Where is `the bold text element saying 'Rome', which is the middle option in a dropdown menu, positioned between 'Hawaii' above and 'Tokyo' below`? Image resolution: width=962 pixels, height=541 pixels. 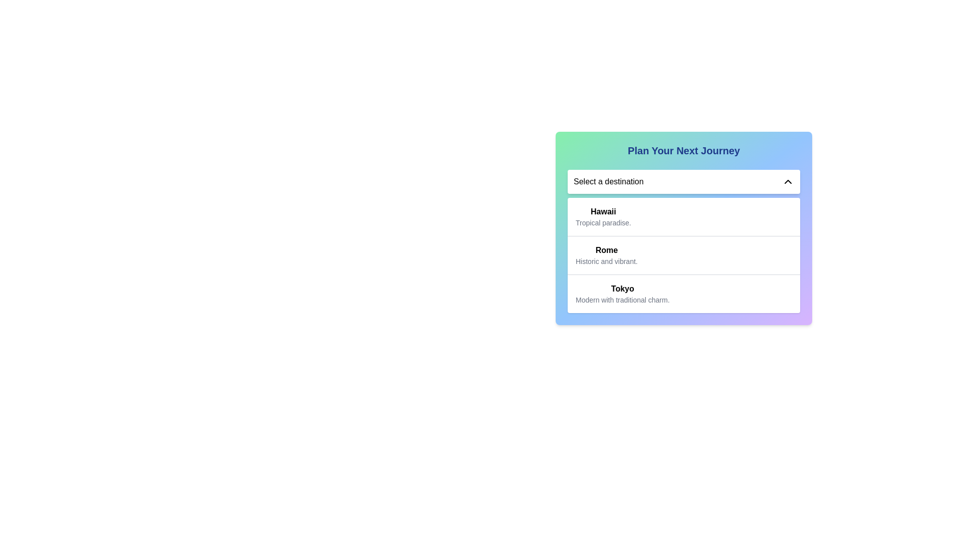
the bold text element saying 'Rome', which is the middle option in a dropdown menu, positioned between 'Hawaii' above and 'Tokyo' below is located at coordinates (606, 250).